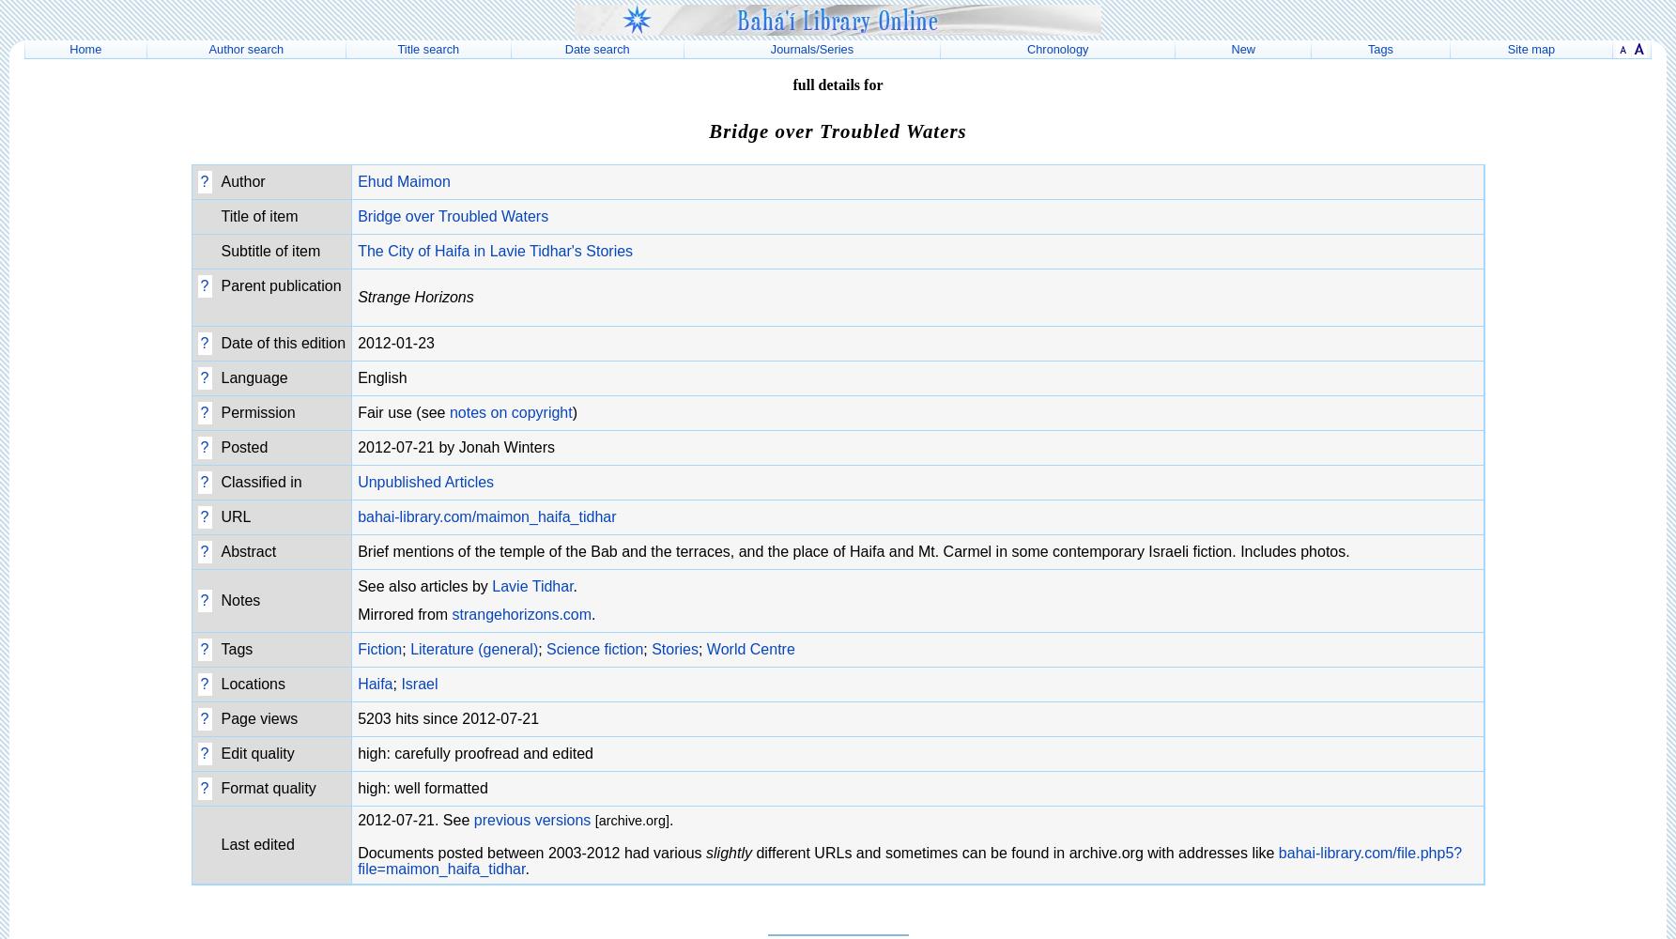 The width and height of the screenshot is (1676, 939). Describe the element at coordinates (404, 613) in the screenshot. I see `'Mirrored from'` at that location.